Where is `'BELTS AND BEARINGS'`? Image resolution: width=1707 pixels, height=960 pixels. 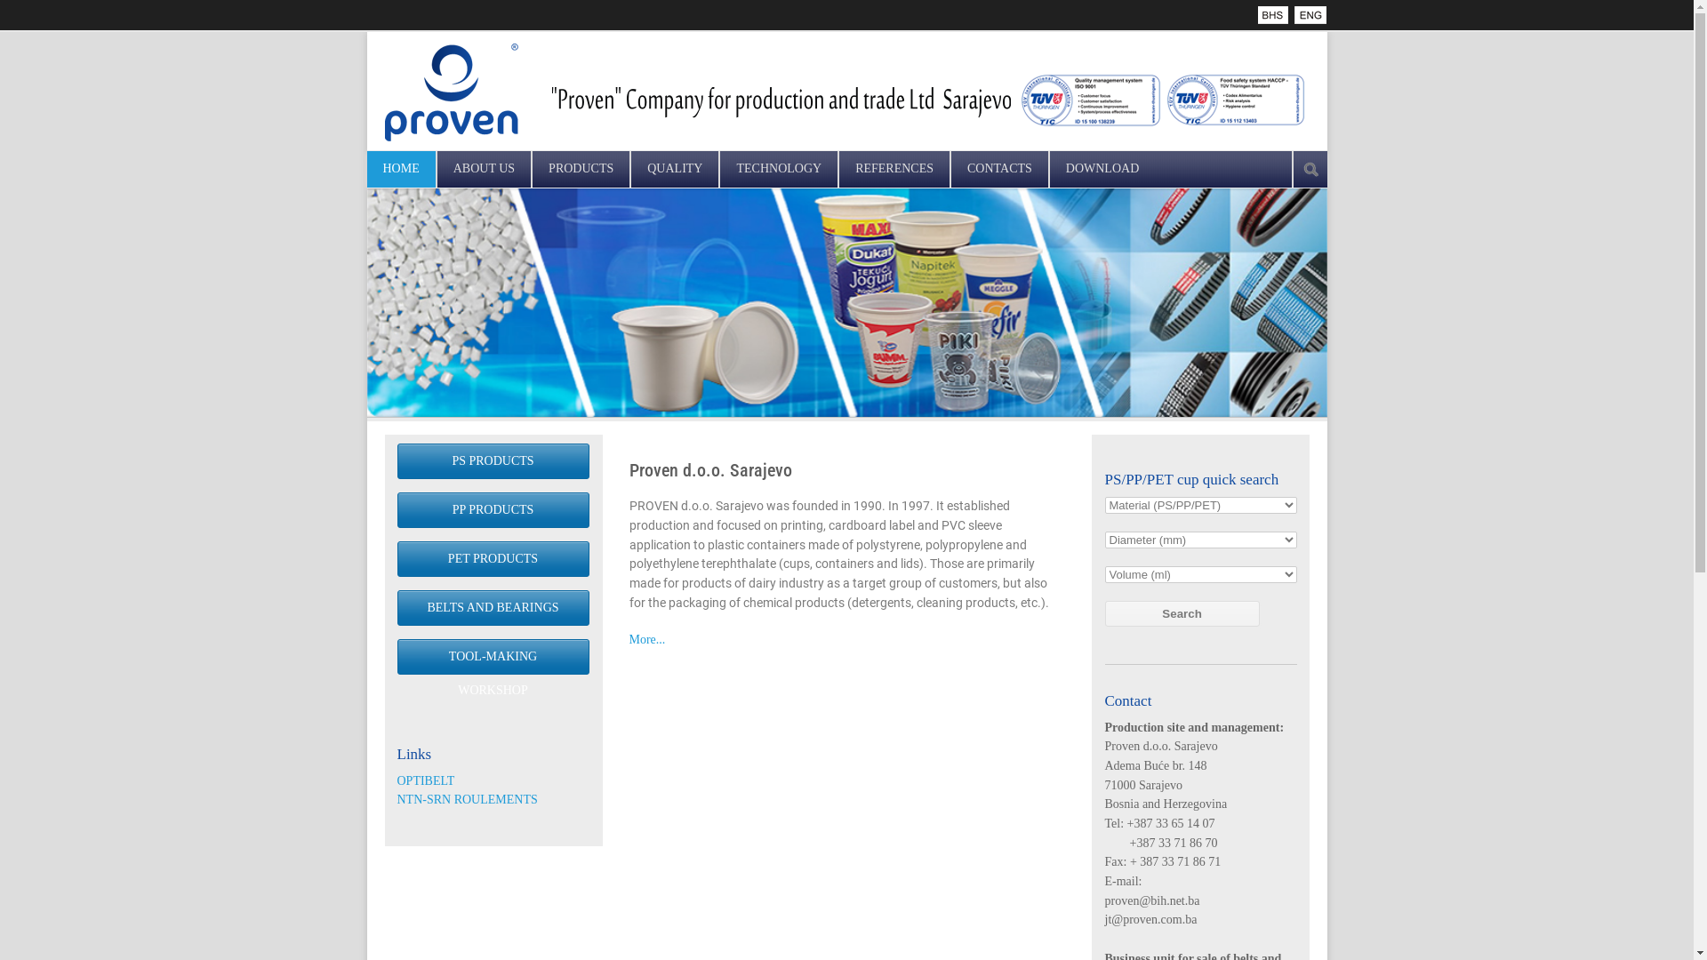 'BELTS AND BEARINGS' is located at coordinates (396, 606).